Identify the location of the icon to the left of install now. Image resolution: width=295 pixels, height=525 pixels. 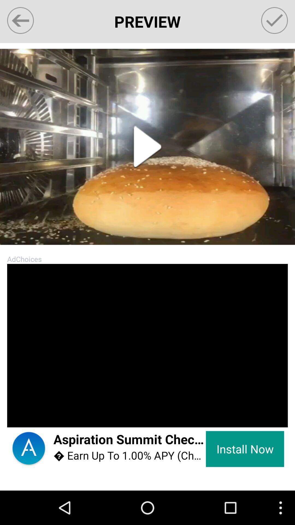
(129, 440).